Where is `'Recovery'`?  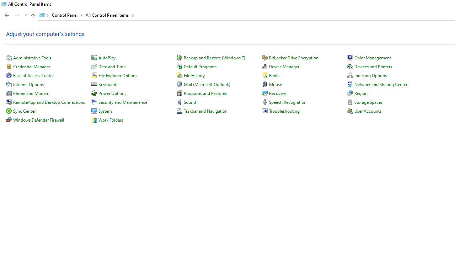
'Recovery' is located at coordinates (277, 93).